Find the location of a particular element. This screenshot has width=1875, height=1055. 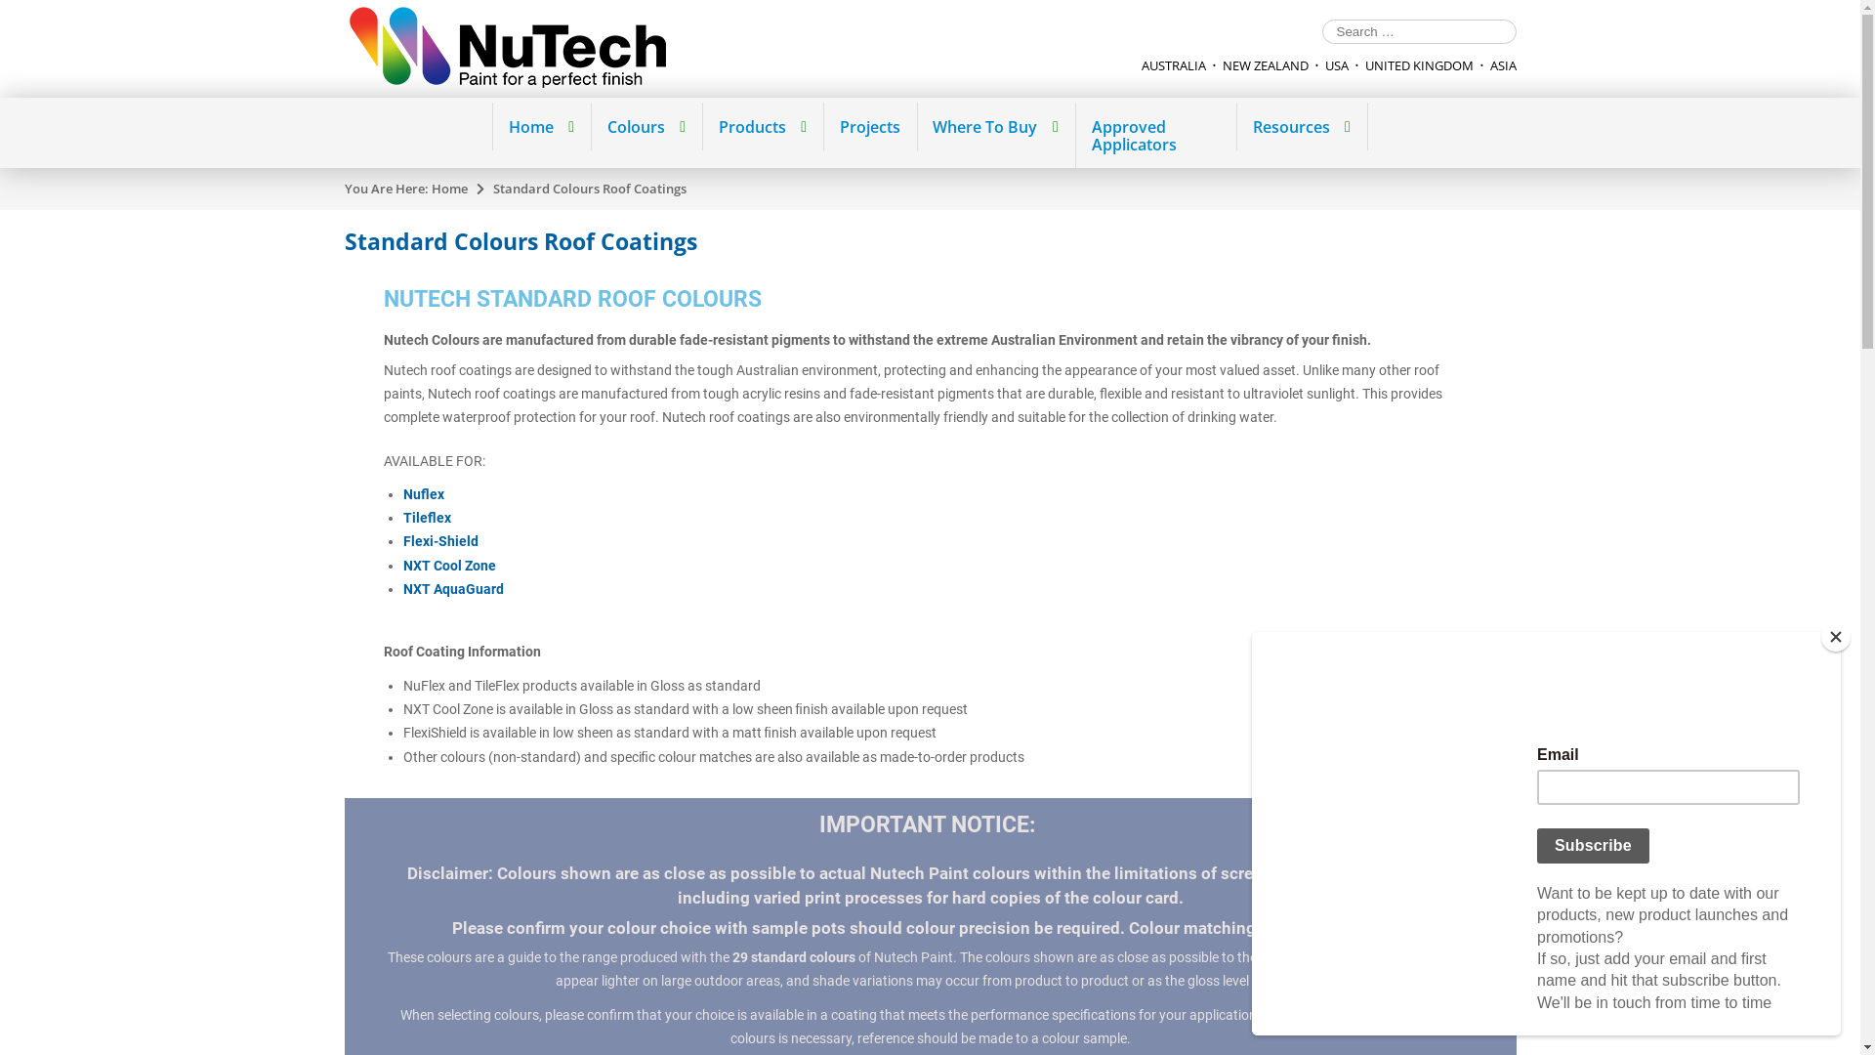

'NEW ZEALAND' is located at coordinates (1266, 63).